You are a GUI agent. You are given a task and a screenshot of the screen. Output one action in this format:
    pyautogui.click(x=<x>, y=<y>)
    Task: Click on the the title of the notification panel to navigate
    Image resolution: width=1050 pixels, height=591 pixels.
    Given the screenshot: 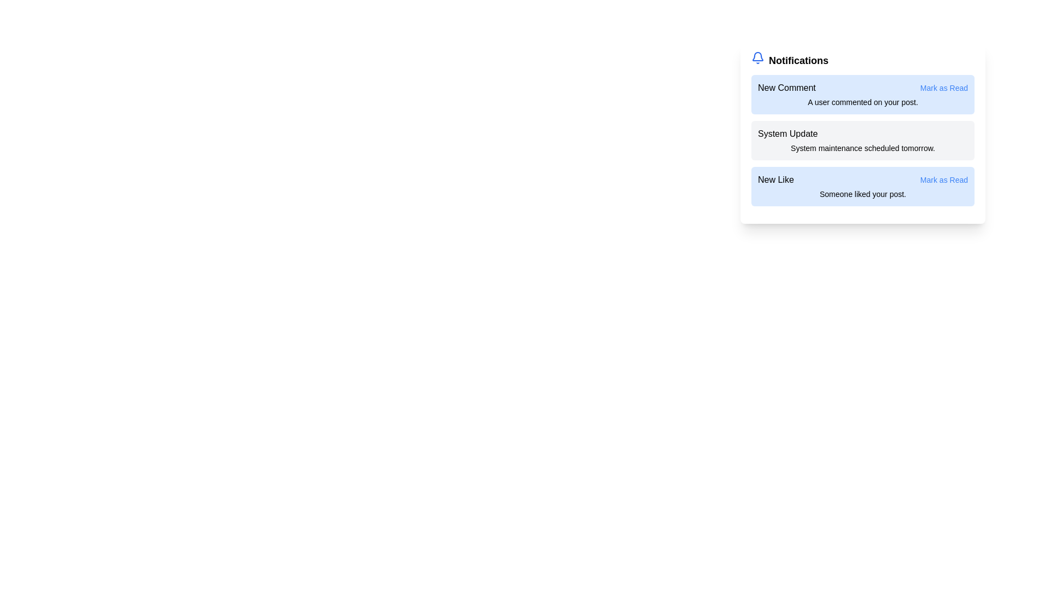 What is the action you would take?
    pyautogui.click(x=862, y=61)
    